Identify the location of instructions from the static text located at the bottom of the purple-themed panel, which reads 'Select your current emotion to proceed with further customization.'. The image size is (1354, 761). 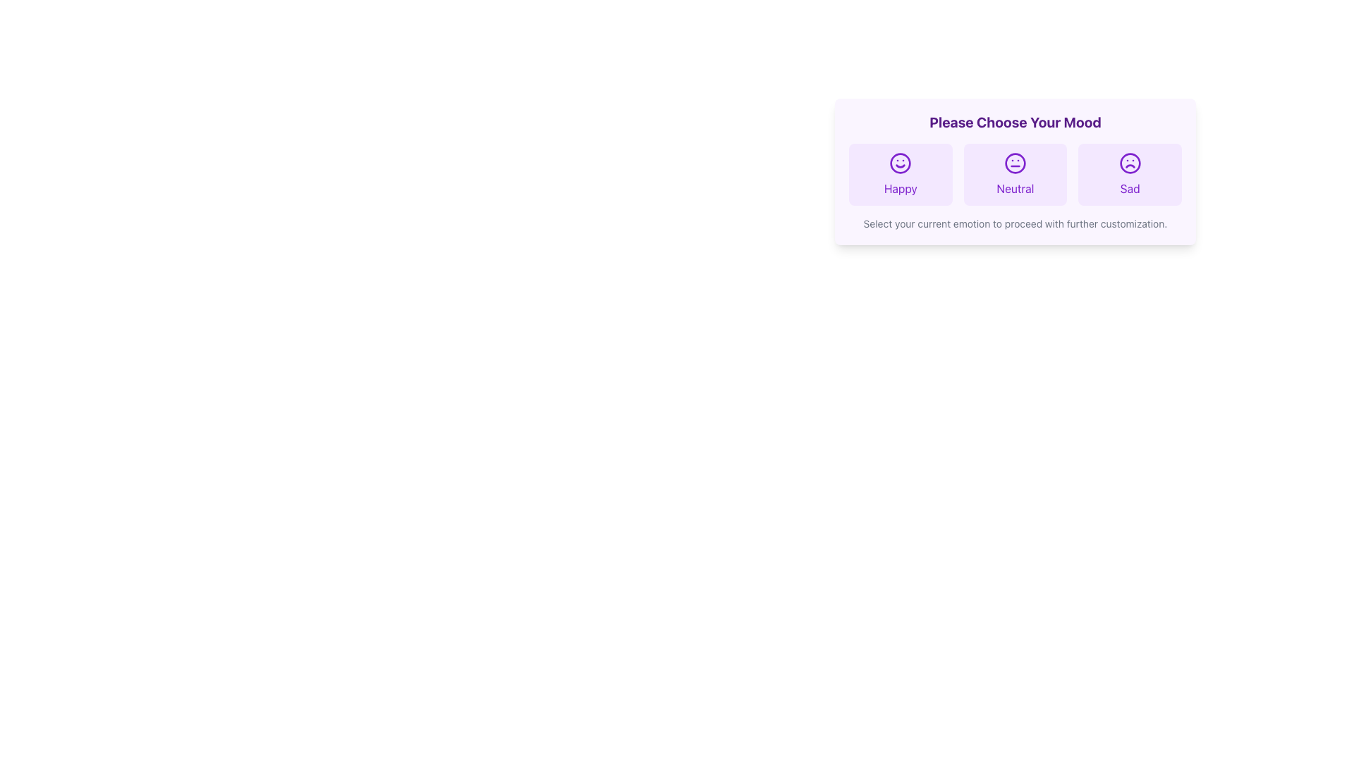
(1015, 223).